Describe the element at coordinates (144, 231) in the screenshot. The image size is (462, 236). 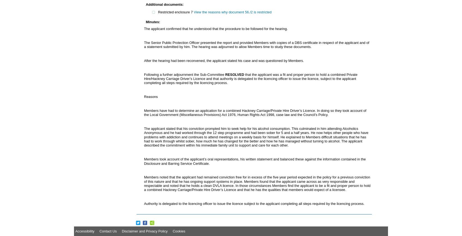
I see `'Disclaimer and Privacy Policy'` at that location.